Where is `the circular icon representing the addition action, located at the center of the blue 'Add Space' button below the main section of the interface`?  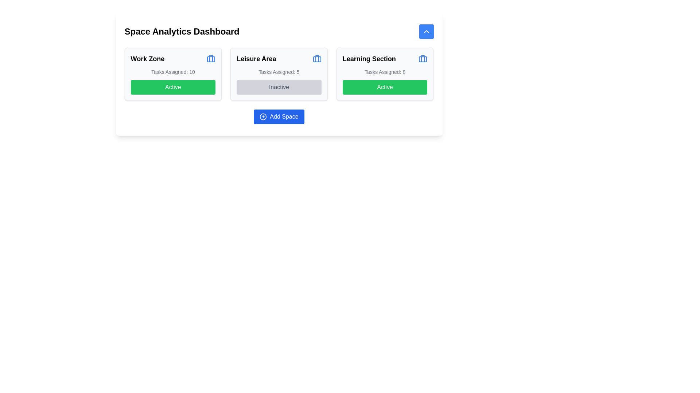 the circular icon representing the addition action, located at the center of the blue 'Add Space' button below the main section of the interface is located at coordinates (263, 116).